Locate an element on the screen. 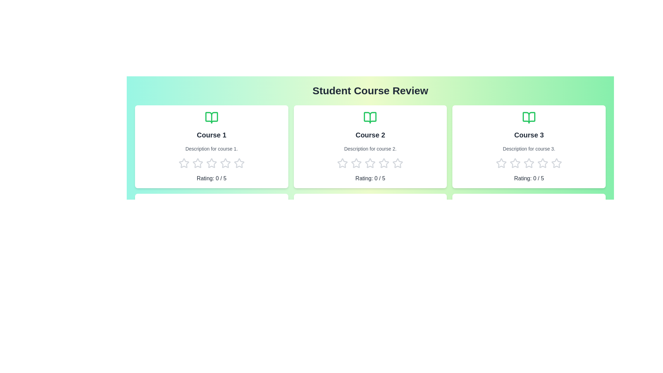  the rating of a course to 1 stars by clicking on the corresponding star is located at coordinates (184, 163).